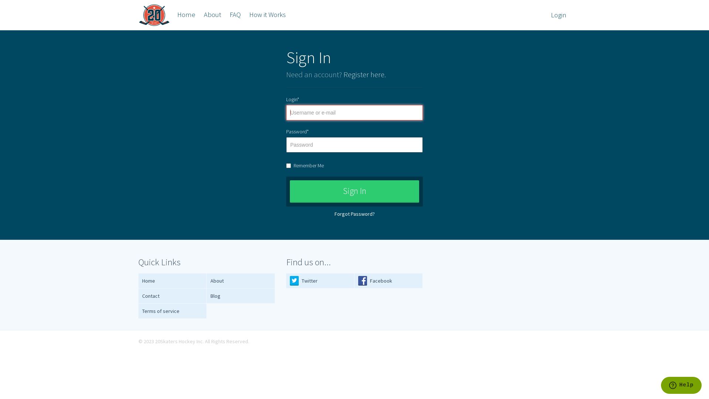  What do you see at coordinates (320, 281) in the screenshot?
I see `'Twitter'` at bounding box center [320, 281].